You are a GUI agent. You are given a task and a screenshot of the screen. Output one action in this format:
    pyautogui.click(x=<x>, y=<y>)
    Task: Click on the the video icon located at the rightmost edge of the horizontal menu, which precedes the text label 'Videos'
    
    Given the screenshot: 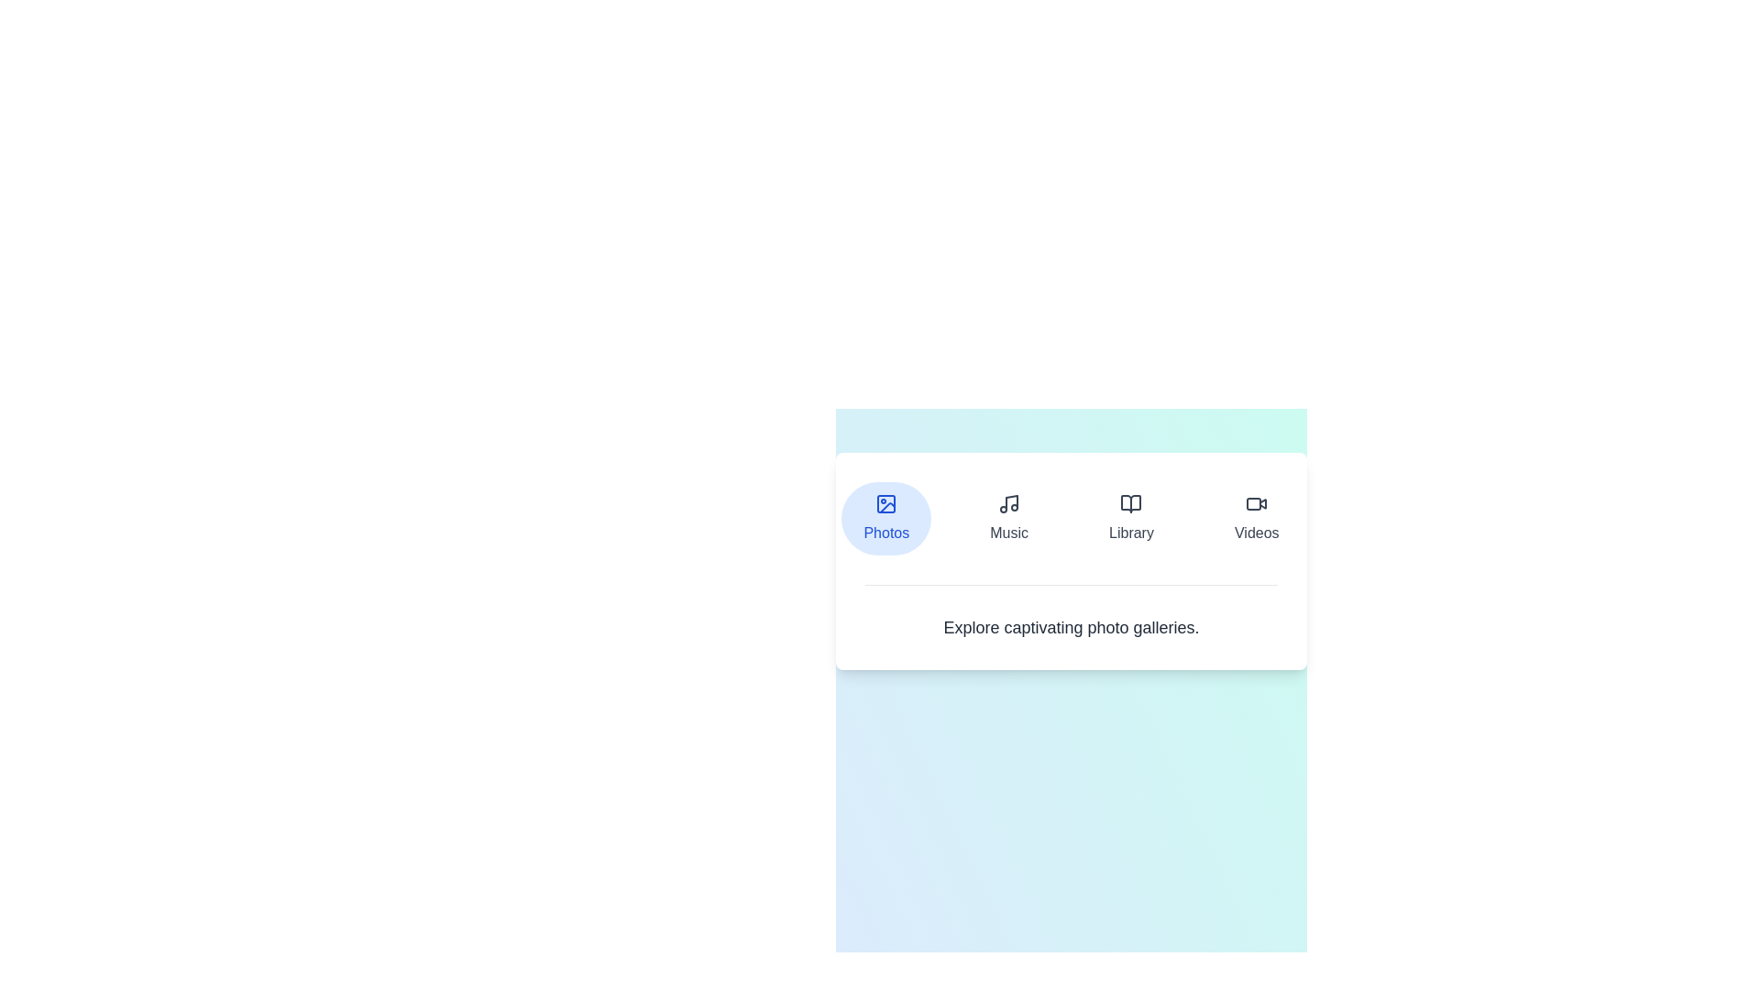 What is the action you would take?
    pyautogui.click(x=1256, y=504)
    